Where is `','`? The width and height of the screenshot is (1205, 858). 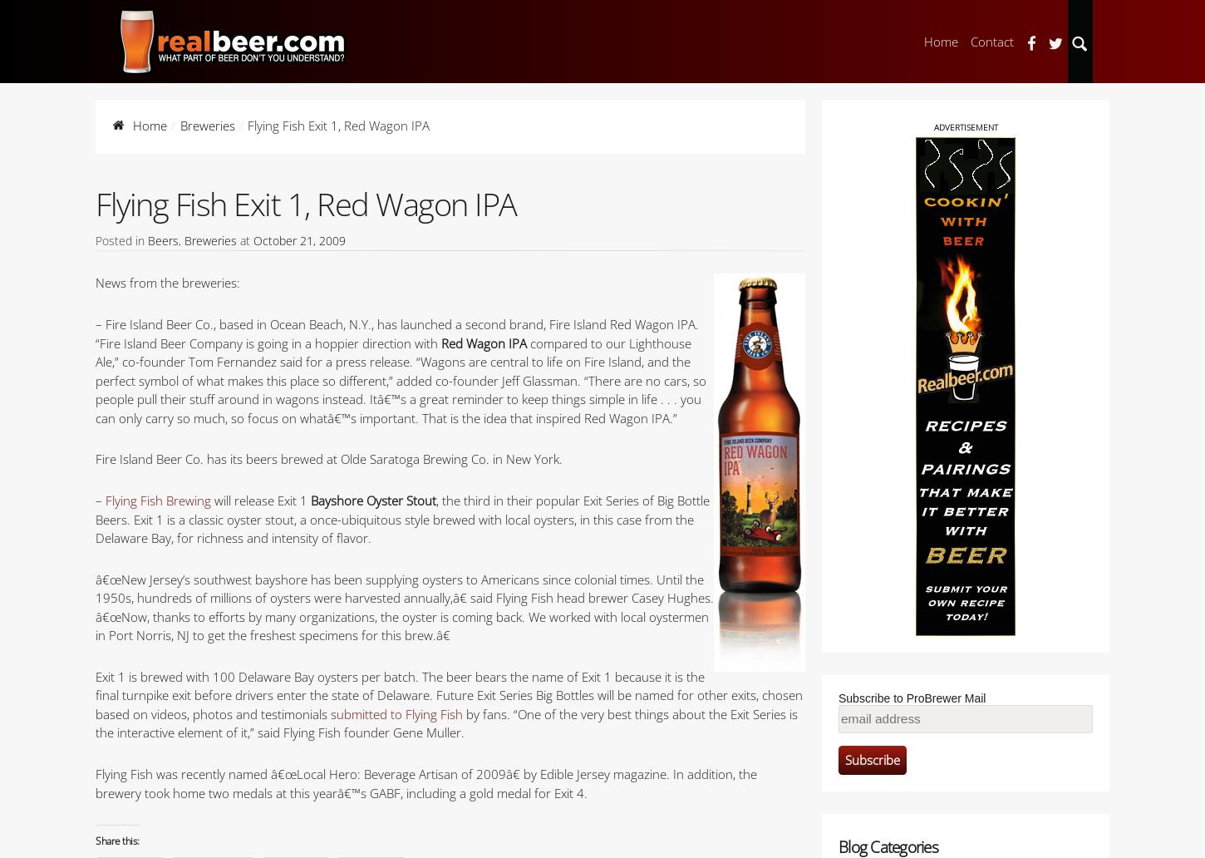 ',' is located at coordinates (180, 239).